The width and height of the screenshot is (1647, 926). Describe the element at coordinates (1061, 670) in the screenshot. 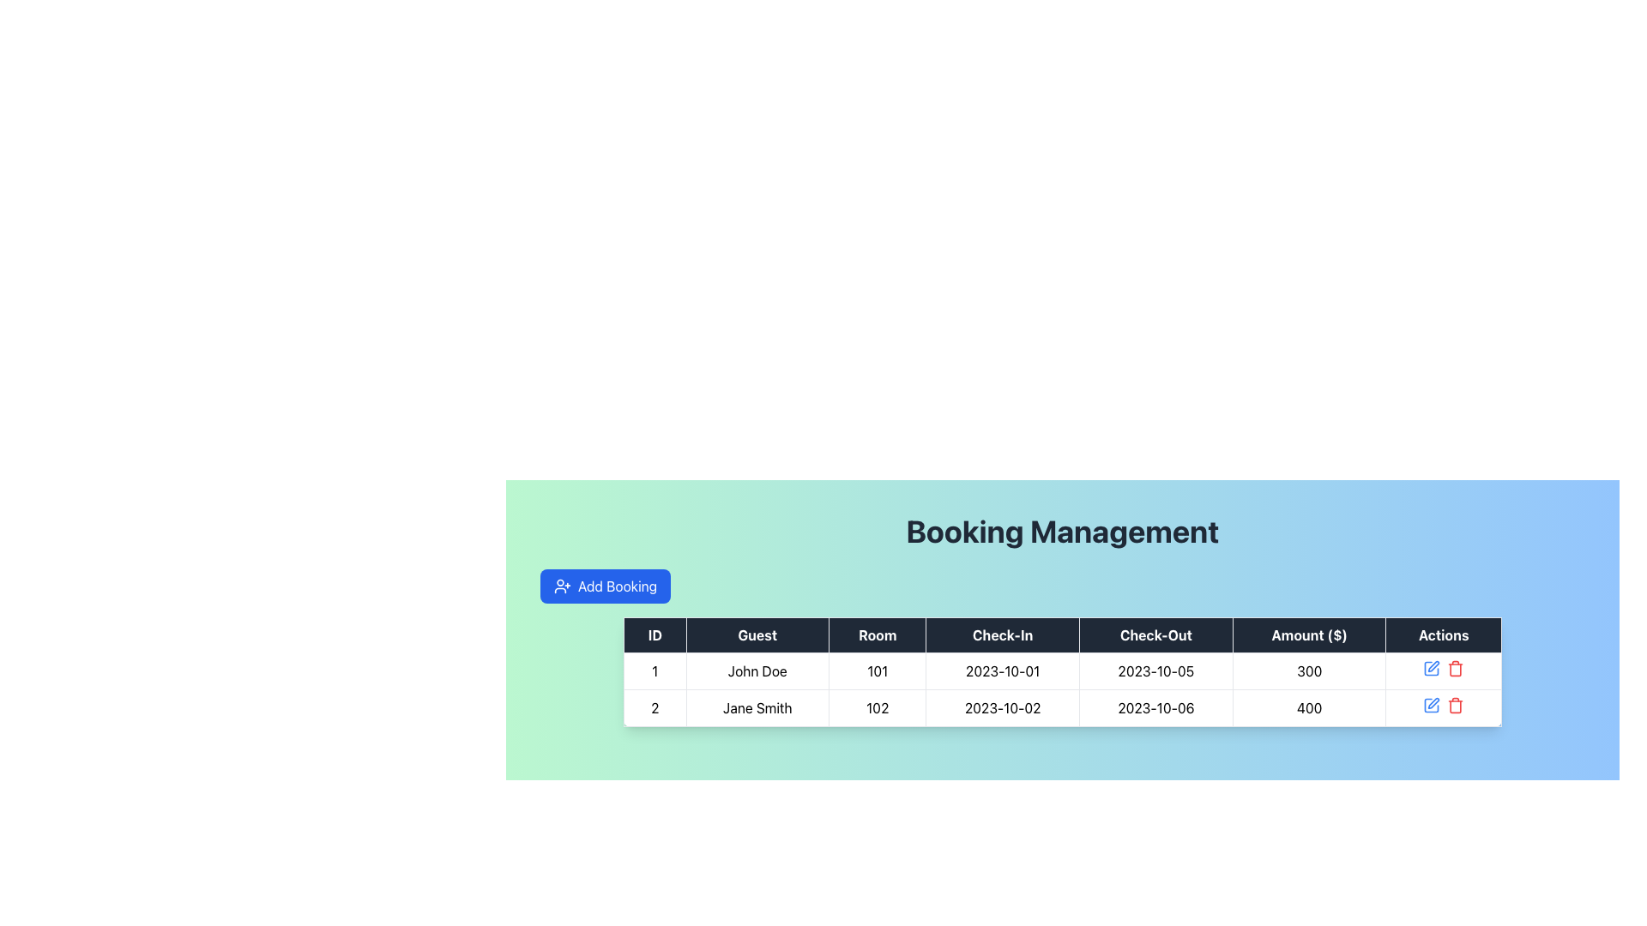

I see `the interactive components in the first row of the booking management table, which displays booking details including guest name, room number, and associated cost` at that location.